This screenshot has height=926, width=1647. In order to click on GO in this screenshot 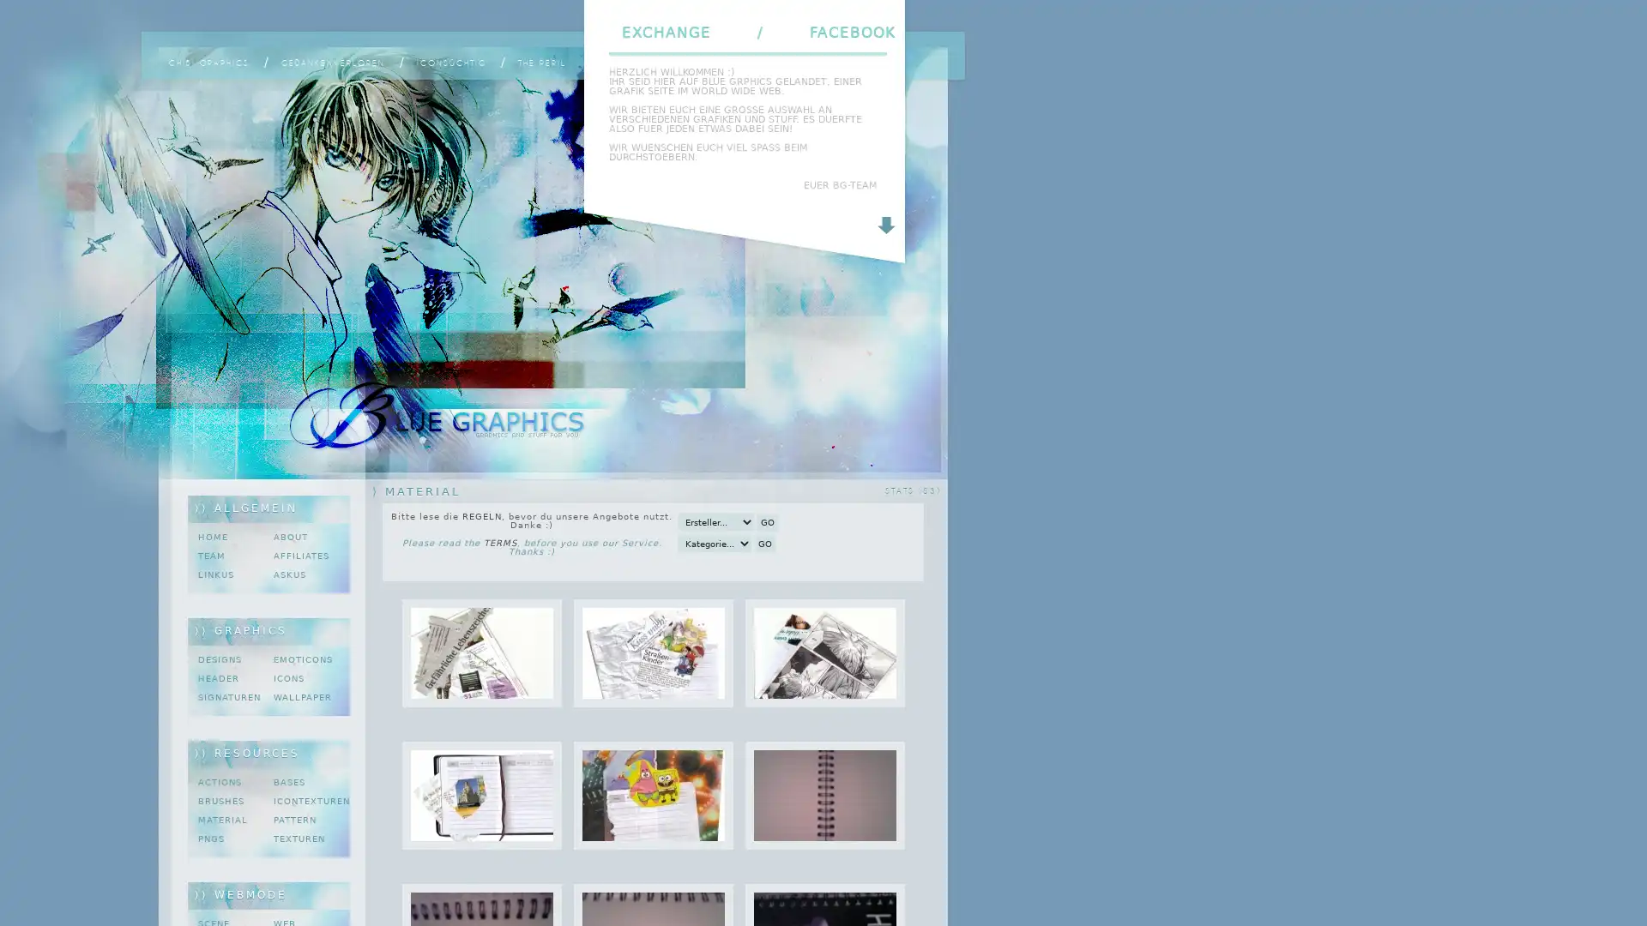, I will do `click(766, 521)`.